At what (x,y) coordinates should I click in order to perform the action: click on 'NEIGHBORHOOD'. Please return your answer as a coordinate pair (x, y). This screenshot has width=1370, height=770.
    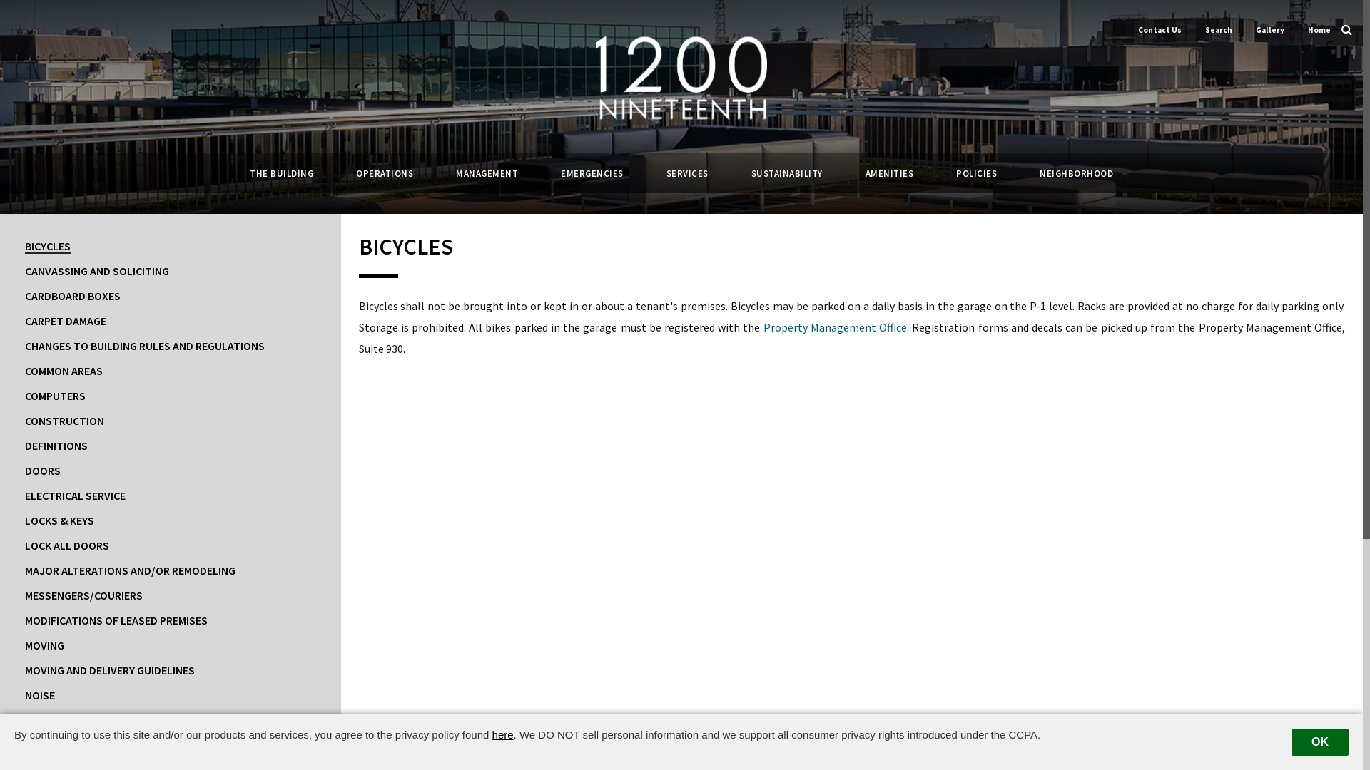
    Looking at the image, I should click on (1076, 173).